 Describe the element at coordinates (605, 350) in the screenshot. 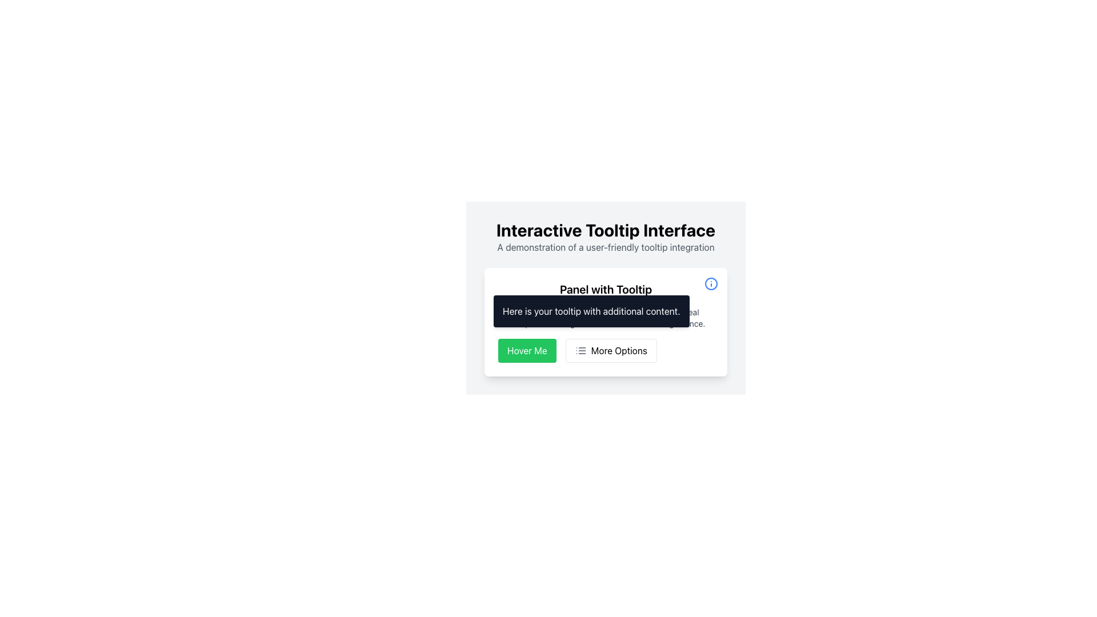

I see `the 'More Options' button located within the tooltip panel` at that location.